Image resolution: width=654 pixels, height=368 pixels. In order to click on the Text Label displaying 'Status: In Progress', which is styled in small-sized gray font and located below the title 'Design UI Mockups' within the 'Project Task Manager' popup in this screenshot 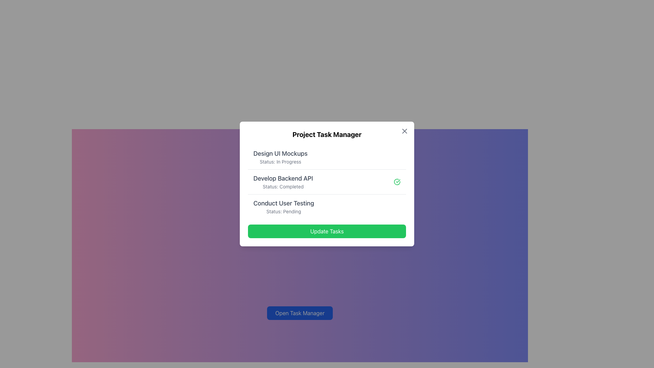, I will do `click(280, 162)`.